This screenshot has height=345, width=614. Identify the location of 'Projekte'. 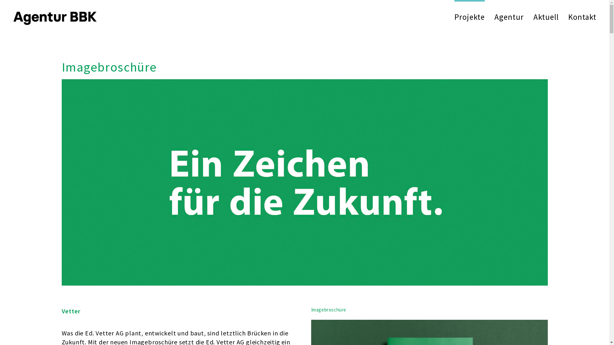
(469, 17).